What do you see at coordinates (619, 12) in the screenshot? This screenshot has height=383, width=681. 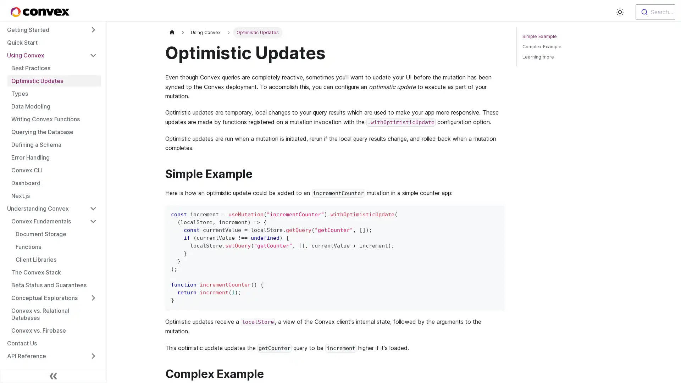 I see `Switch between dark and light mode (currently light mode)` at bounding box center [619, 12].